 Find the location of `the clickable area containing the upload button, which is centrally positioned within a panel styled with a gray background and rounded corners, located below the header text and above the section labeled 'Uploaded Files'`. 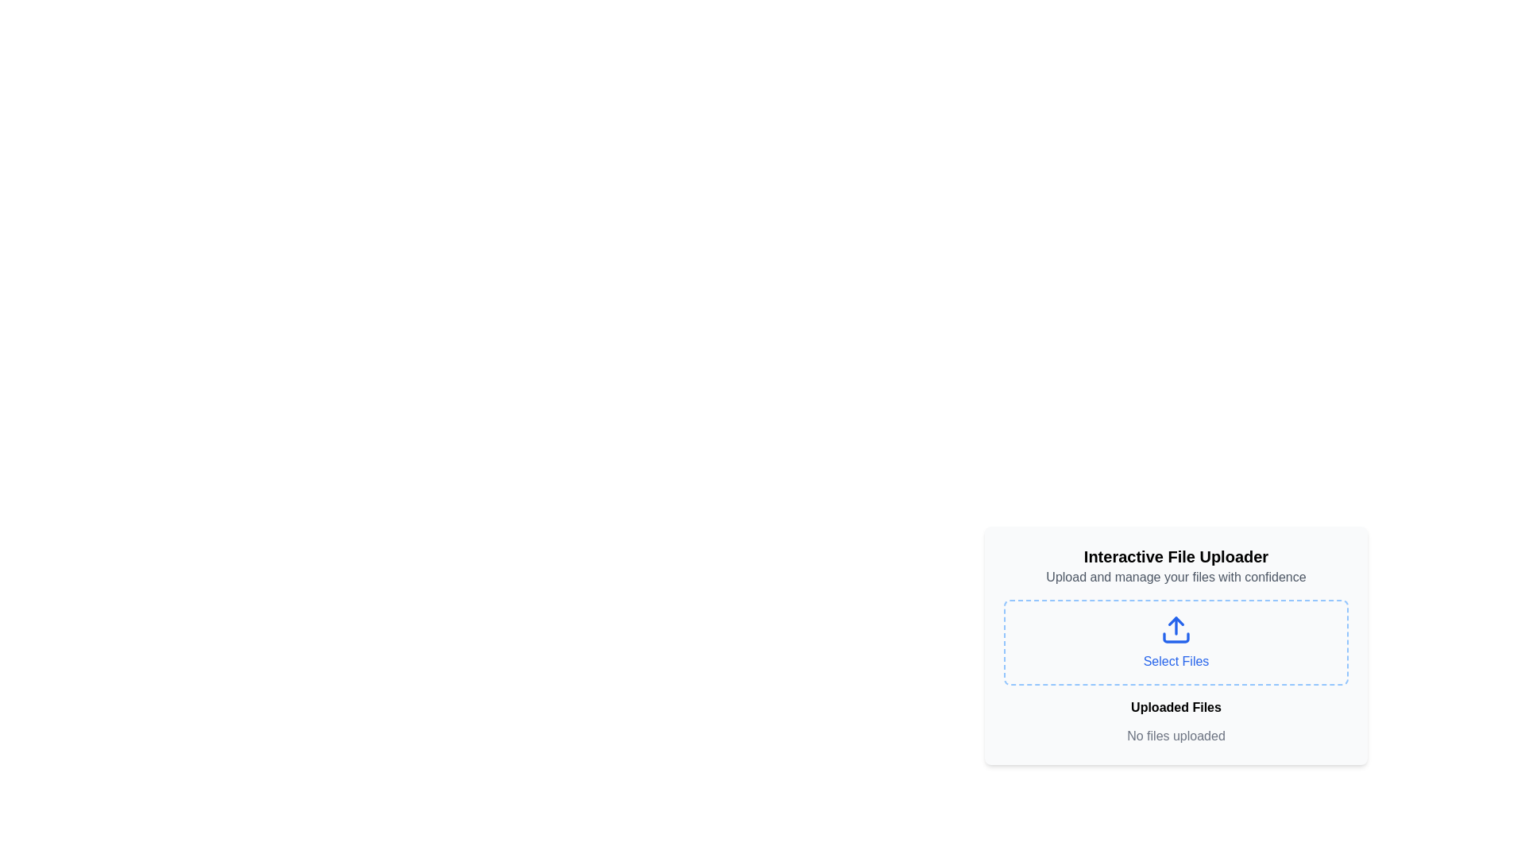

the clickable area containing the upload button, which is centrally positioned within a panel styled with a gray background and rounded corners, located below the header text and above the section labeled 'Uploaded Files' is located at coordinates (1176, 646).